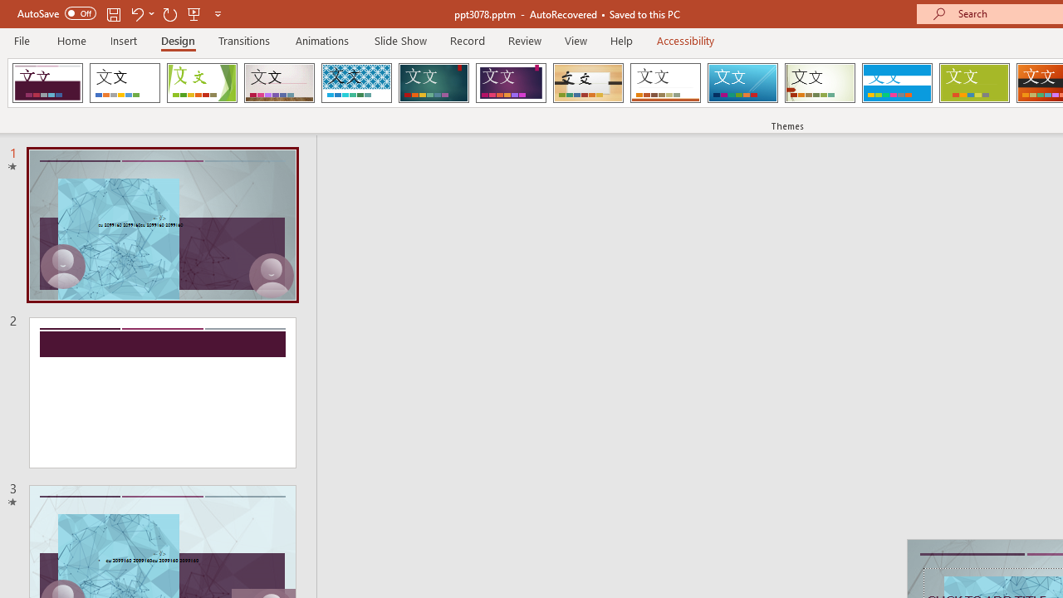  Describe the element at coordinates (620, 40) in the screenshot. I see `'Help'` at that location.